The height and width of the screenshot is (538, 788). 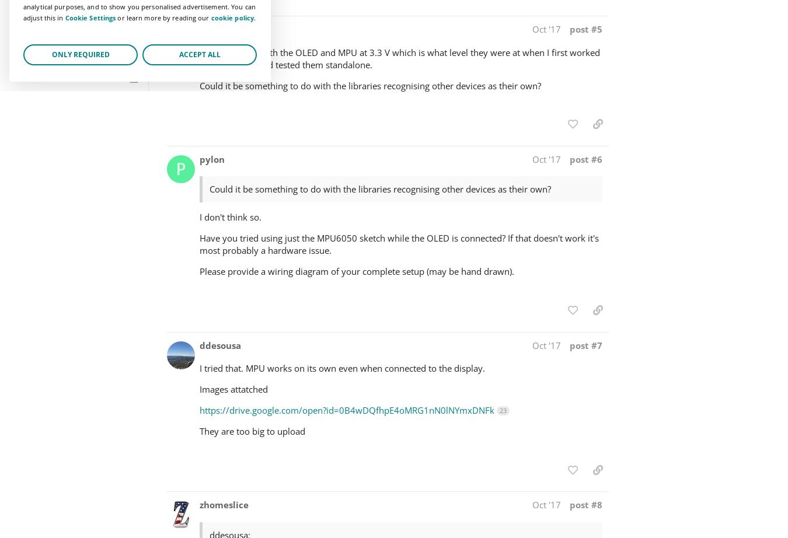 What do you see at coordinates (399, 58) in the screenshot?
I see `'Thanks. I have both the OLED and MPU at 3.3 V which is what level they were at when I first worked on the project and tested them standalone.'` at bounding box center [399, 58].